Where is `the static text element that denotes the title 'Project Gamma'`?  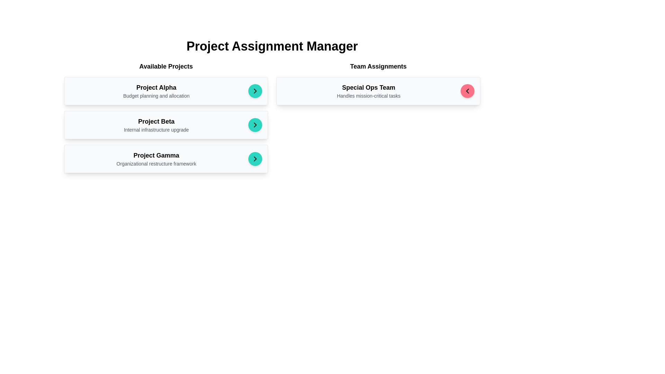
the static text element that denotes the title 'Project Gamma' is located at coordinates (156, 155).